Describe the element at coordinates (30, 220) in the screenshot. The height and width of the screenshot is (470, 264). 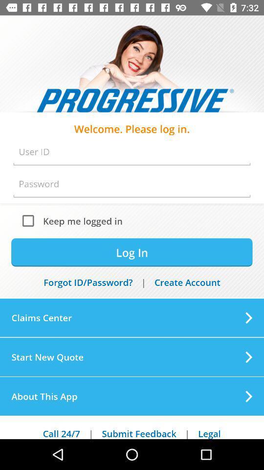
I see `stay logged in` at that location.